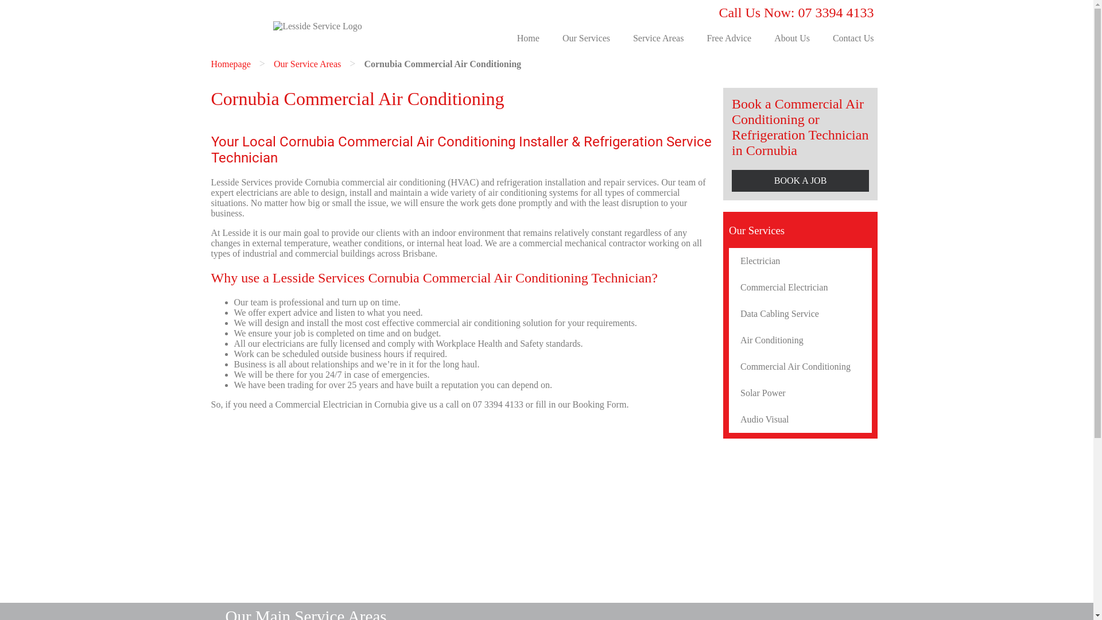  I want to click on 'Our Services', so click(586, 37).